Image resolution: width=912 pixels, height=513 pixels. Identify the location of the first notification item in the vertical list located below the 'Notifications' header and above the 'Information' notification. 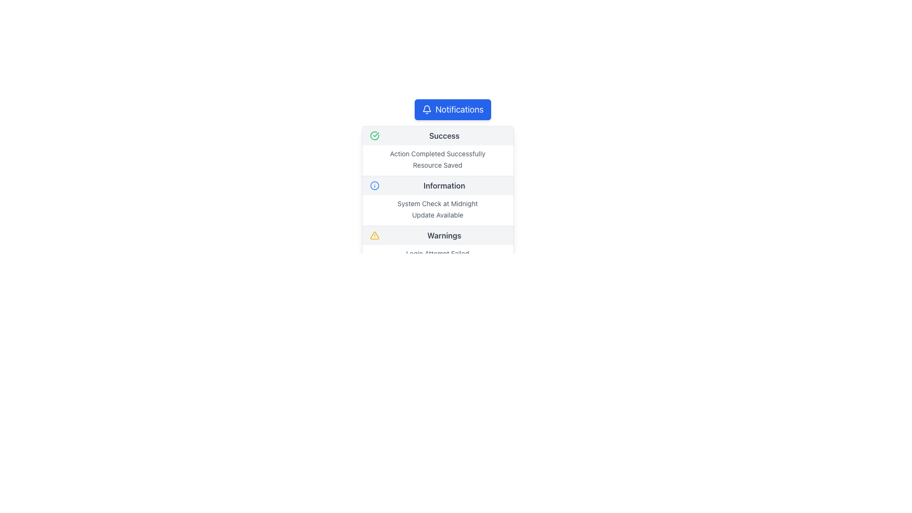
(437, 151).